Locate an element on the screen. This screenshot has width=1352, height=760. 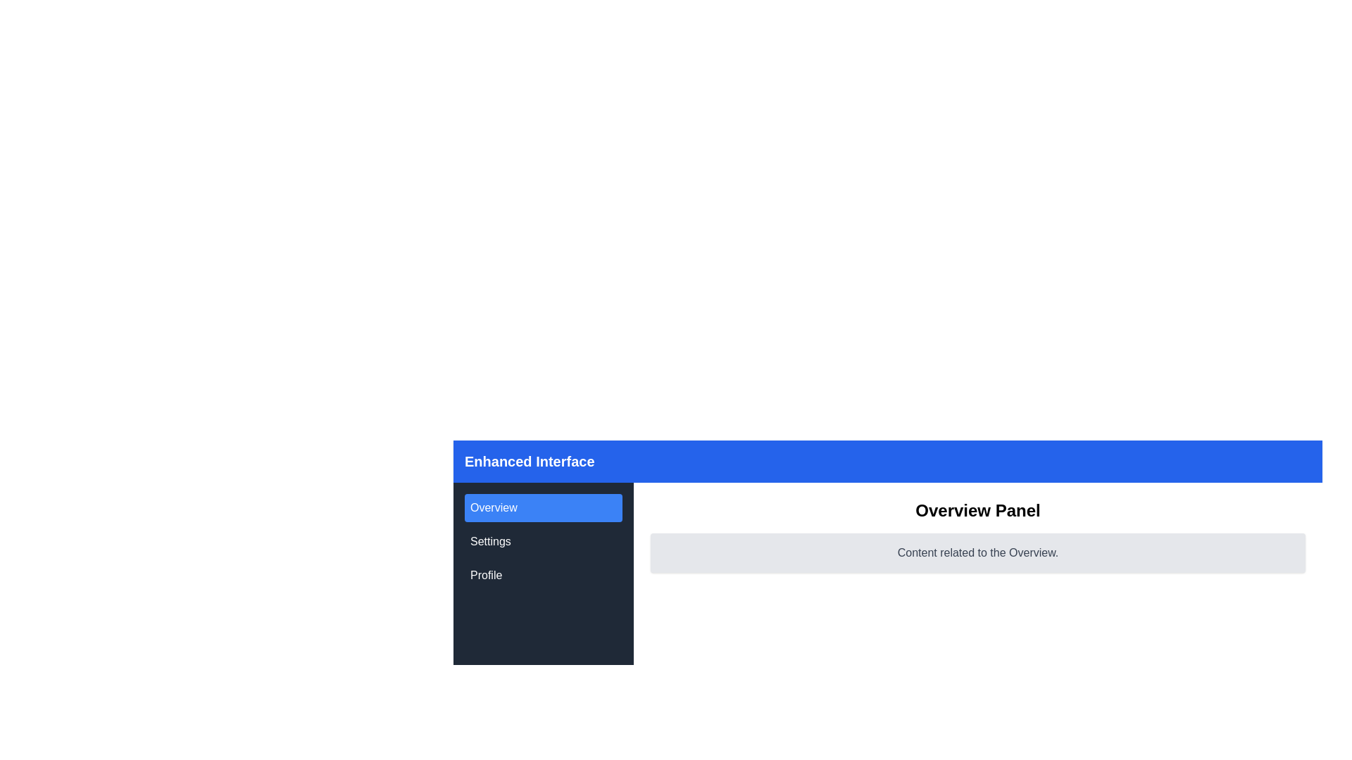
the 'Settings' button located between the 'Overview' and 'Profile' items in the left navigation panel is located at coordinates (543, 541).